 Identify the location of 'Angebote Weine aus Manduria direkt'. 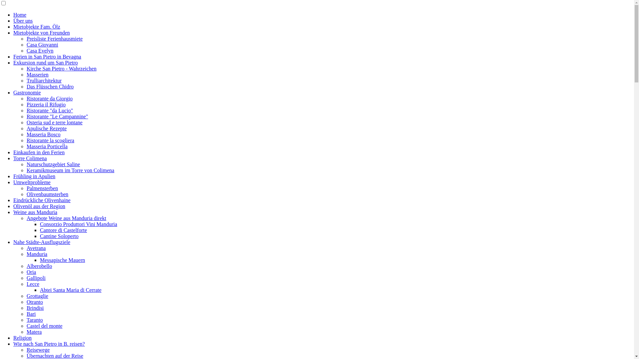
(66, 218).